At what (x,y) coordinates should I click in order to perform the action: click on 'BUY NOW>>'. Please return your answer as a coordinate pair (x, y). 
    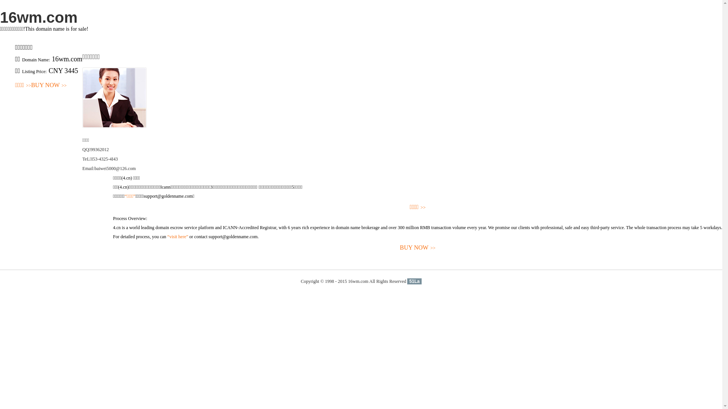
    Looking at the image, I should click on (417, 248).